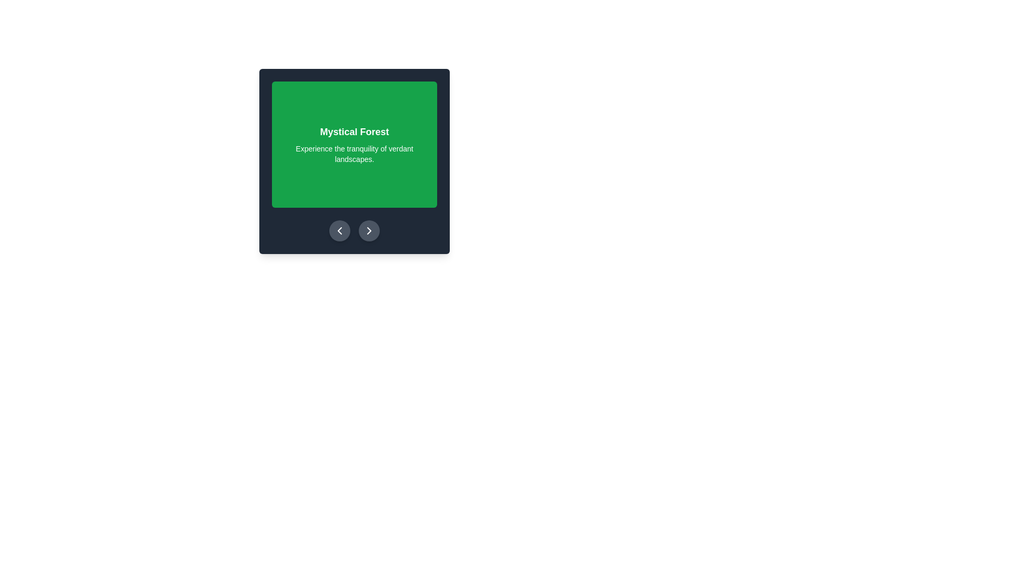 This screenshot has height=568, width=1010. I want to click on the right-facing chevron icon located centrally within the circular button at the bottom right section of the main card-like interface, so click(369, 230).